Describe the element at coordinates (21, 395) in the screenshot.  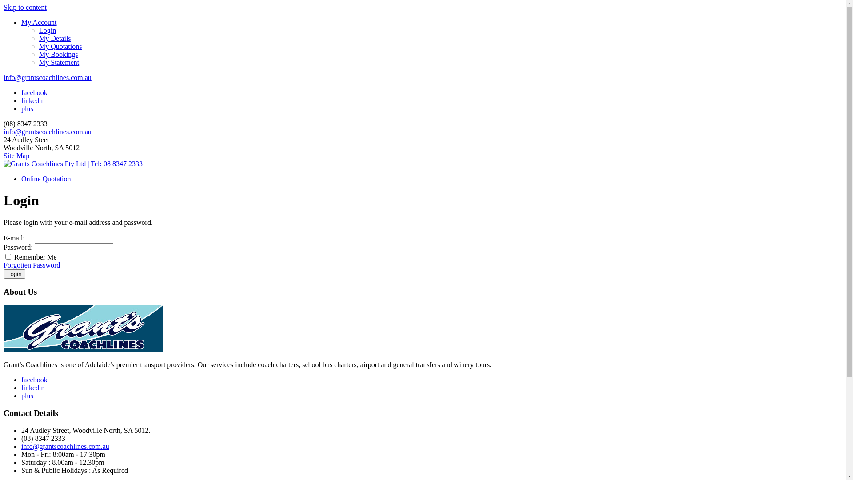
I see `'plus'` at that location.